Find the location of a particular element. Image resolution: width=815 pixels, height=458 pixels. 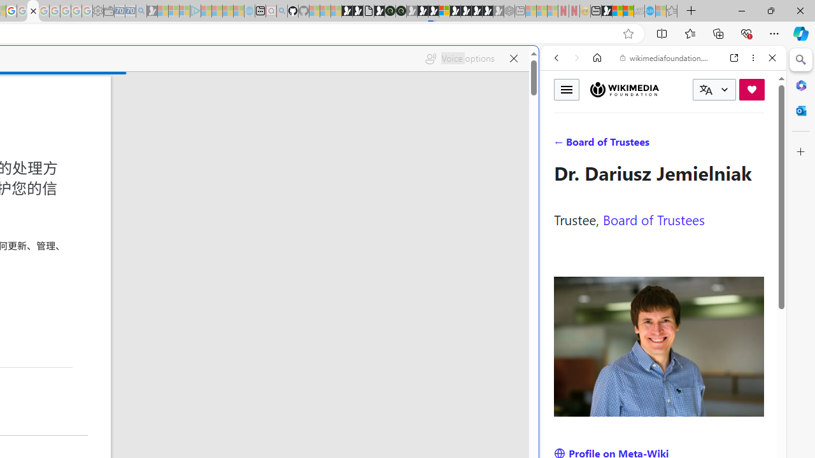

'Class: i icon icon-translate language-switcher__icon' is located at coordinates (705, 89).